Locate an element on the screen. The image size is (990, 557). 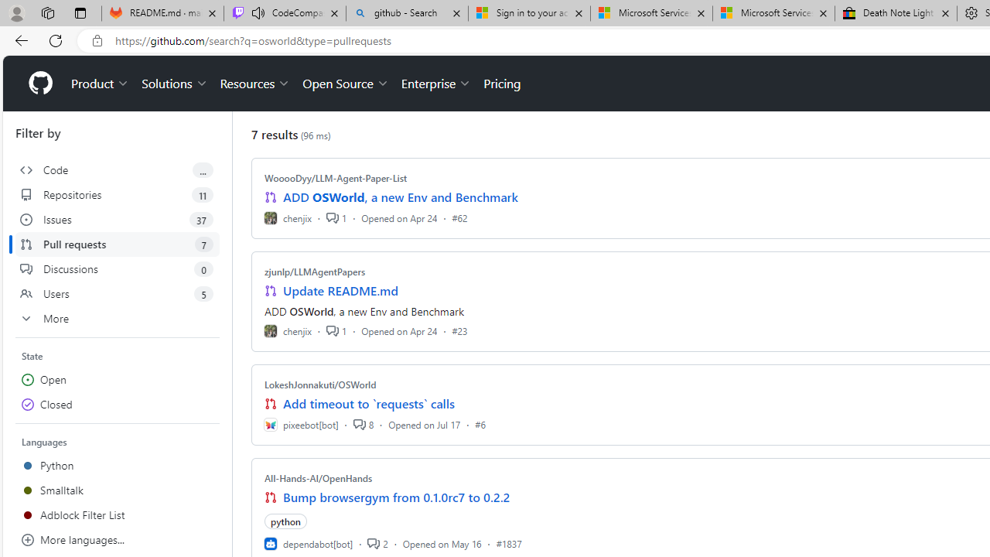
'Bump browsergym from 0.1.0rc7 to 0.2.2' is located at coordinates (397, 497).